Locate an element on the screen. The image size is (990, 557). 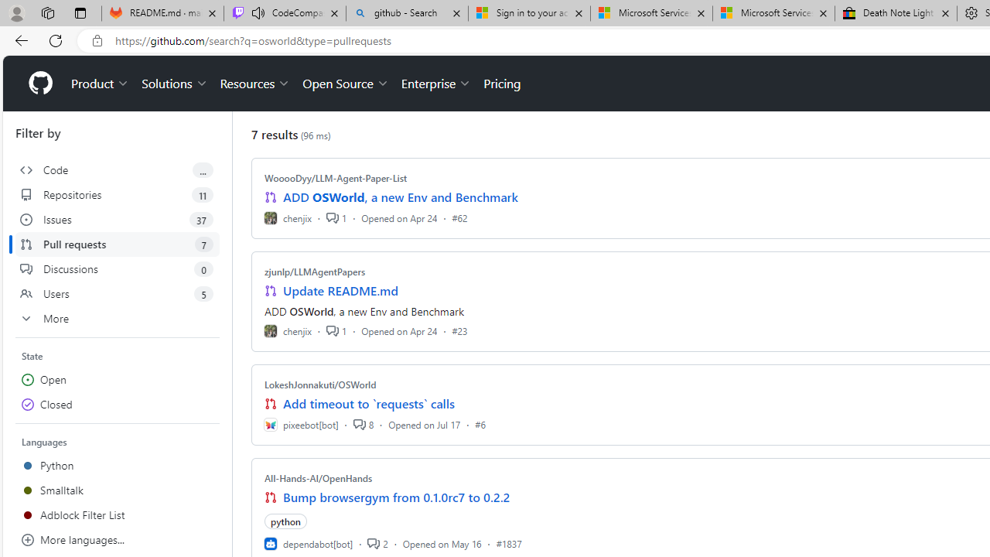
'Bump browsergym from 0.1.0rc7 to 0.2.2' is located at coordinates (397, 497).